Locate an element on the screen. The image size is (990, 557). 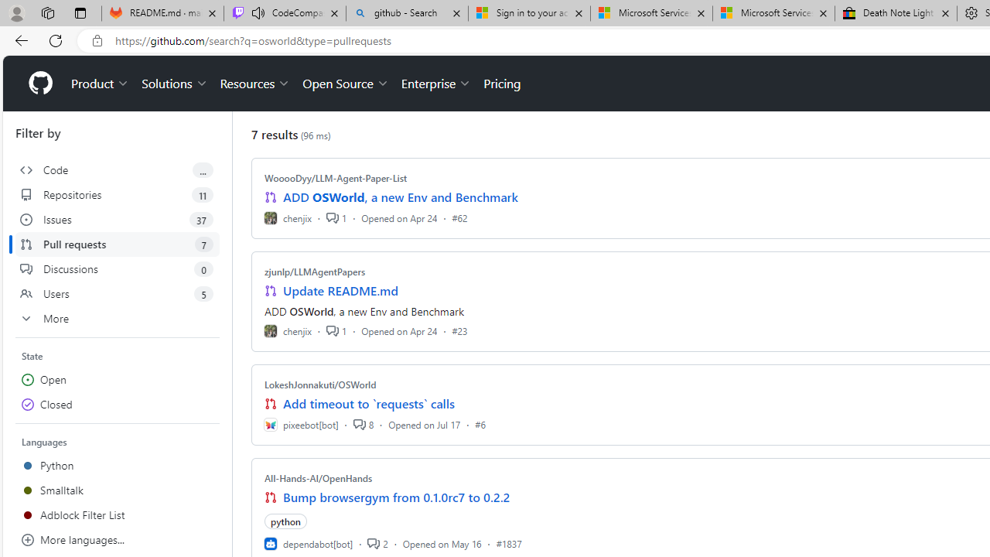
'Bump browsergym from 0.1.0rc7 to 0.2.2' is located at coordinates (397, 497).